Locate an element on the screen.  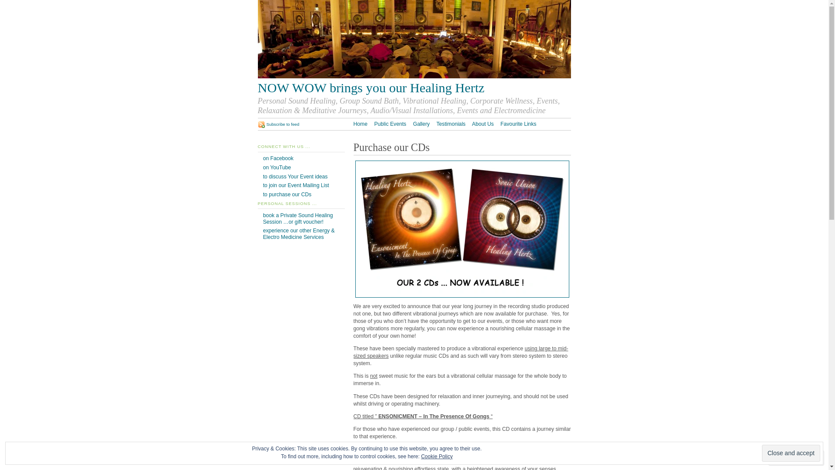
'Follow' is located at coordinates (788, 457).